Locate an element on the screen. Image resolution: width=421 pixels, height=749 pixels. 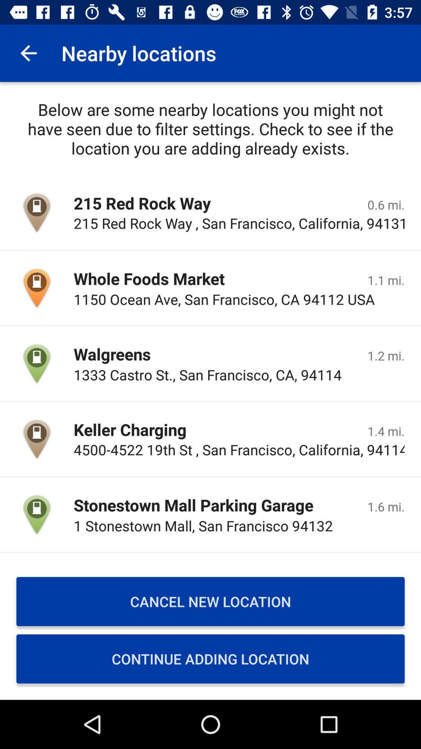
continue adding location is located at coordinates (210, 658).